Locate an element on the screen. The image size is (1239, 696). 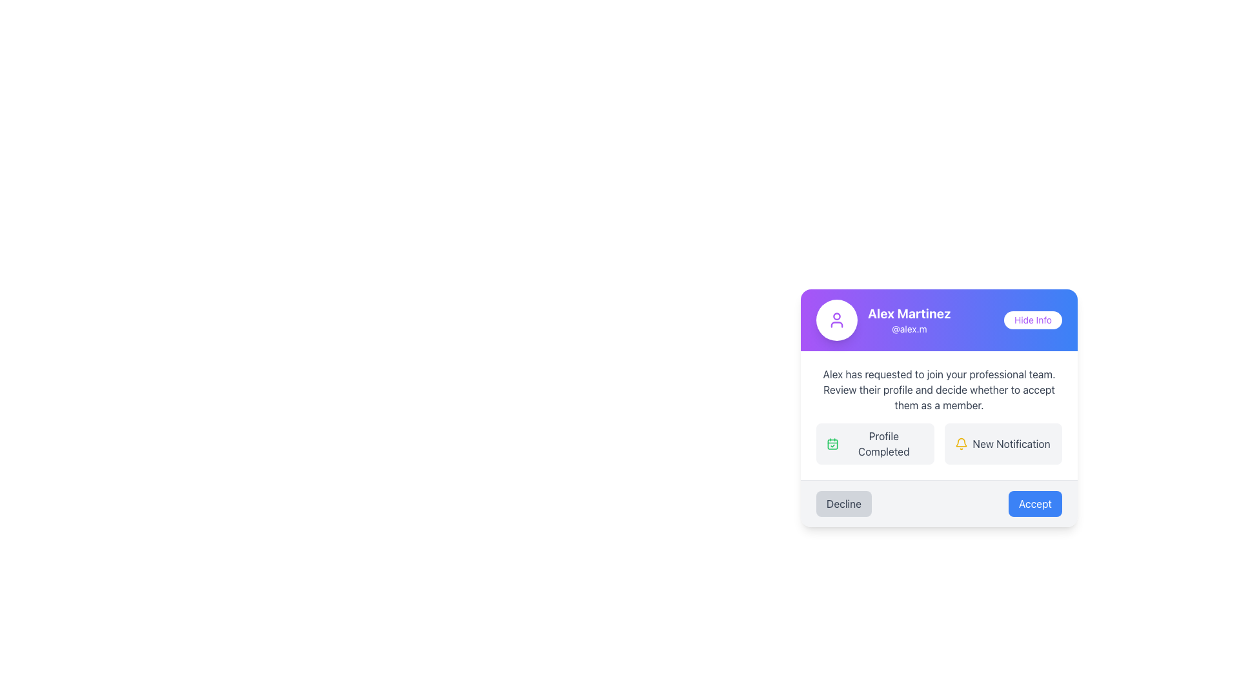
the decorative component of the user profile icon, which is centered within a circular shape at the top portion of the profile card is located at coordinates (836, 316).